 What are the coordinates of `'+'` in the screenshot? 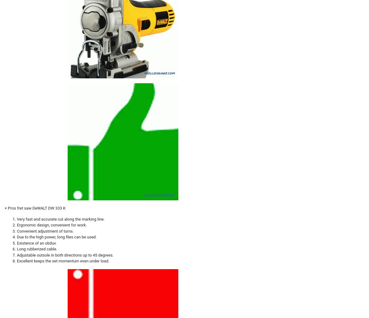 It's located at (6, 208).